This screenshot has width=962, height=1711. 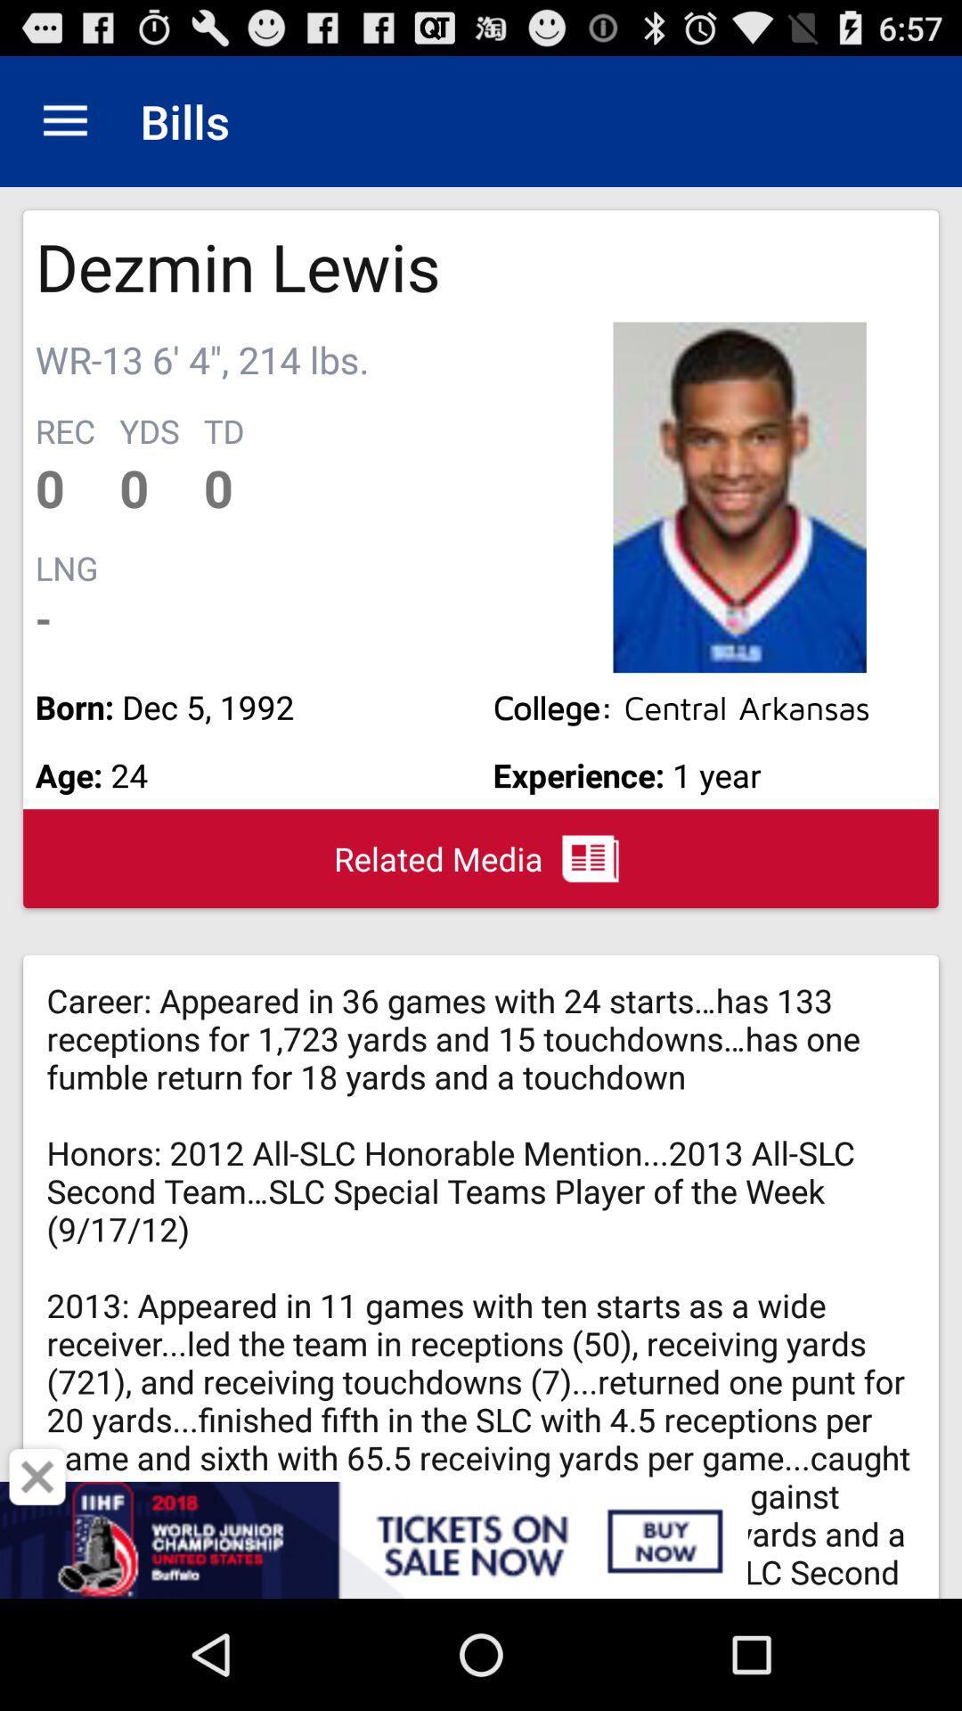 What do you see at coordinates (37, 1477) in the screenshot?
I see `item below age: 24 item` at bounding box center [37, 1477].